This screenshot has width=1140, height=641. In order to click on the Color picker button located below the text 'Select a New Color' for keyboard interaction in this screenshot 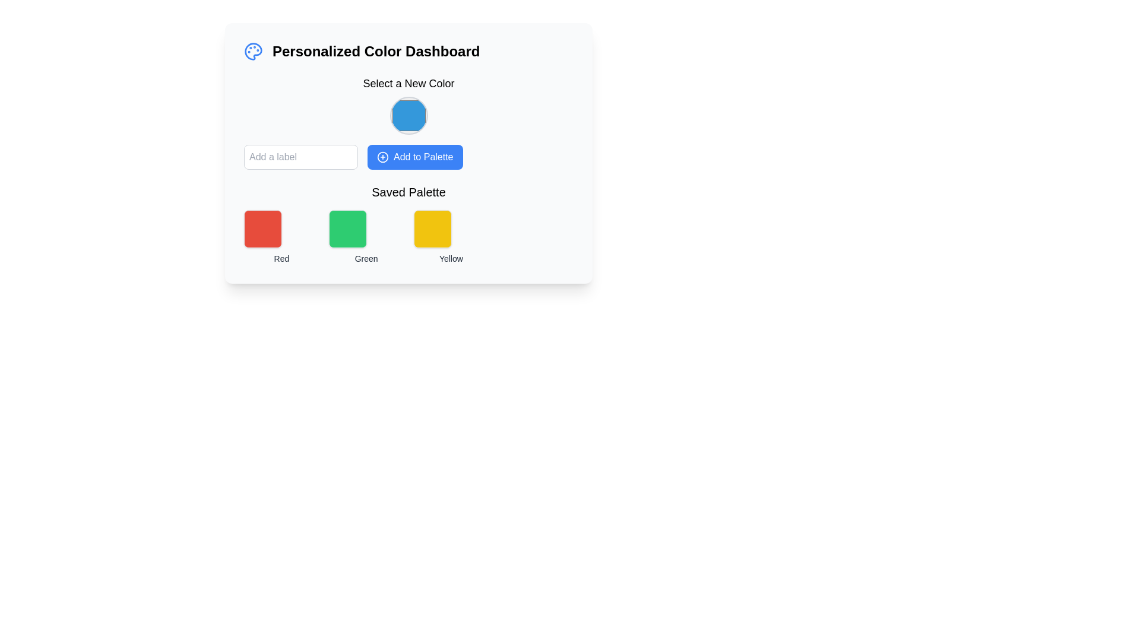, I will do `click(408, 116)`.